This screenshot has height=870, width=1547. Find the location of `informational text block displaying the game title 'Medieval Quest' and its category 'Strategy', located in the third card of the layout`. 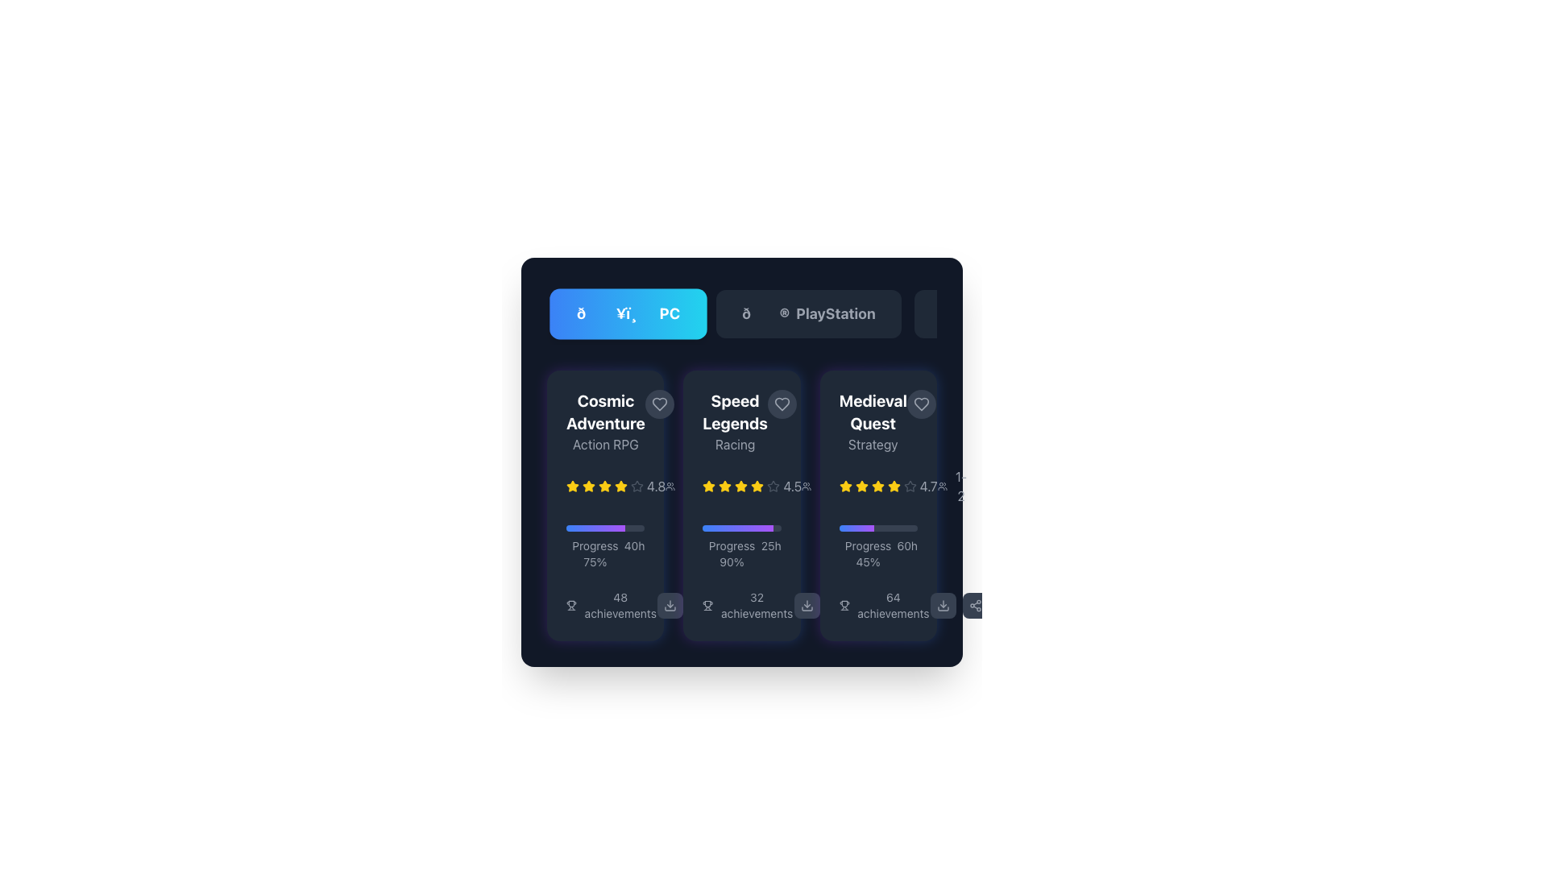

informational text block displaying the game title 'Medieval Quest' and its category 'Strategy', located in the third card of the layout is located at coordinates (877, 421).